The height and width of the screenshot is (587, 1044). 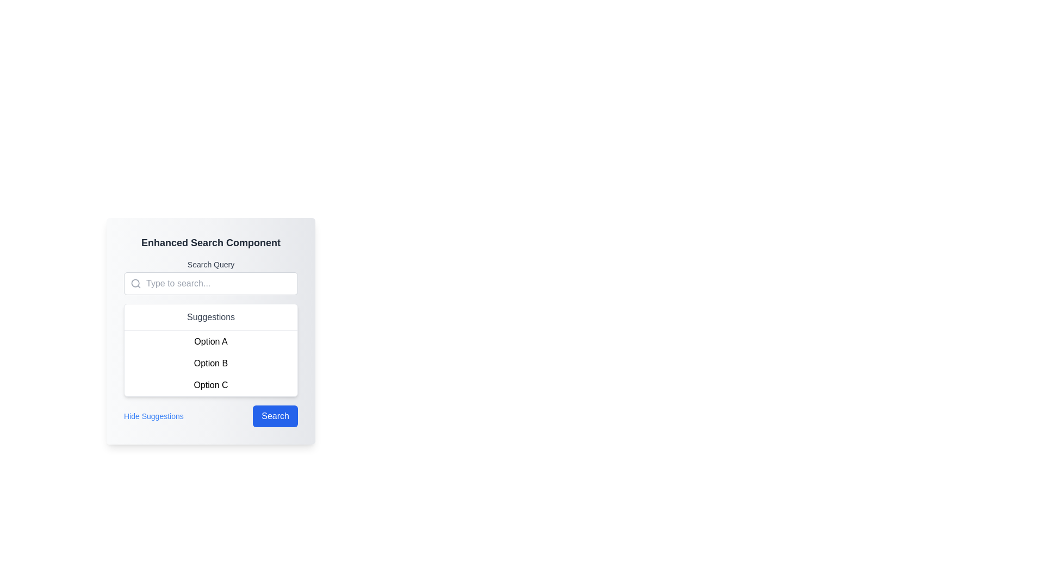 I want to click on 'Option B' in the Suggestions list box, so click(x=211, y=363).